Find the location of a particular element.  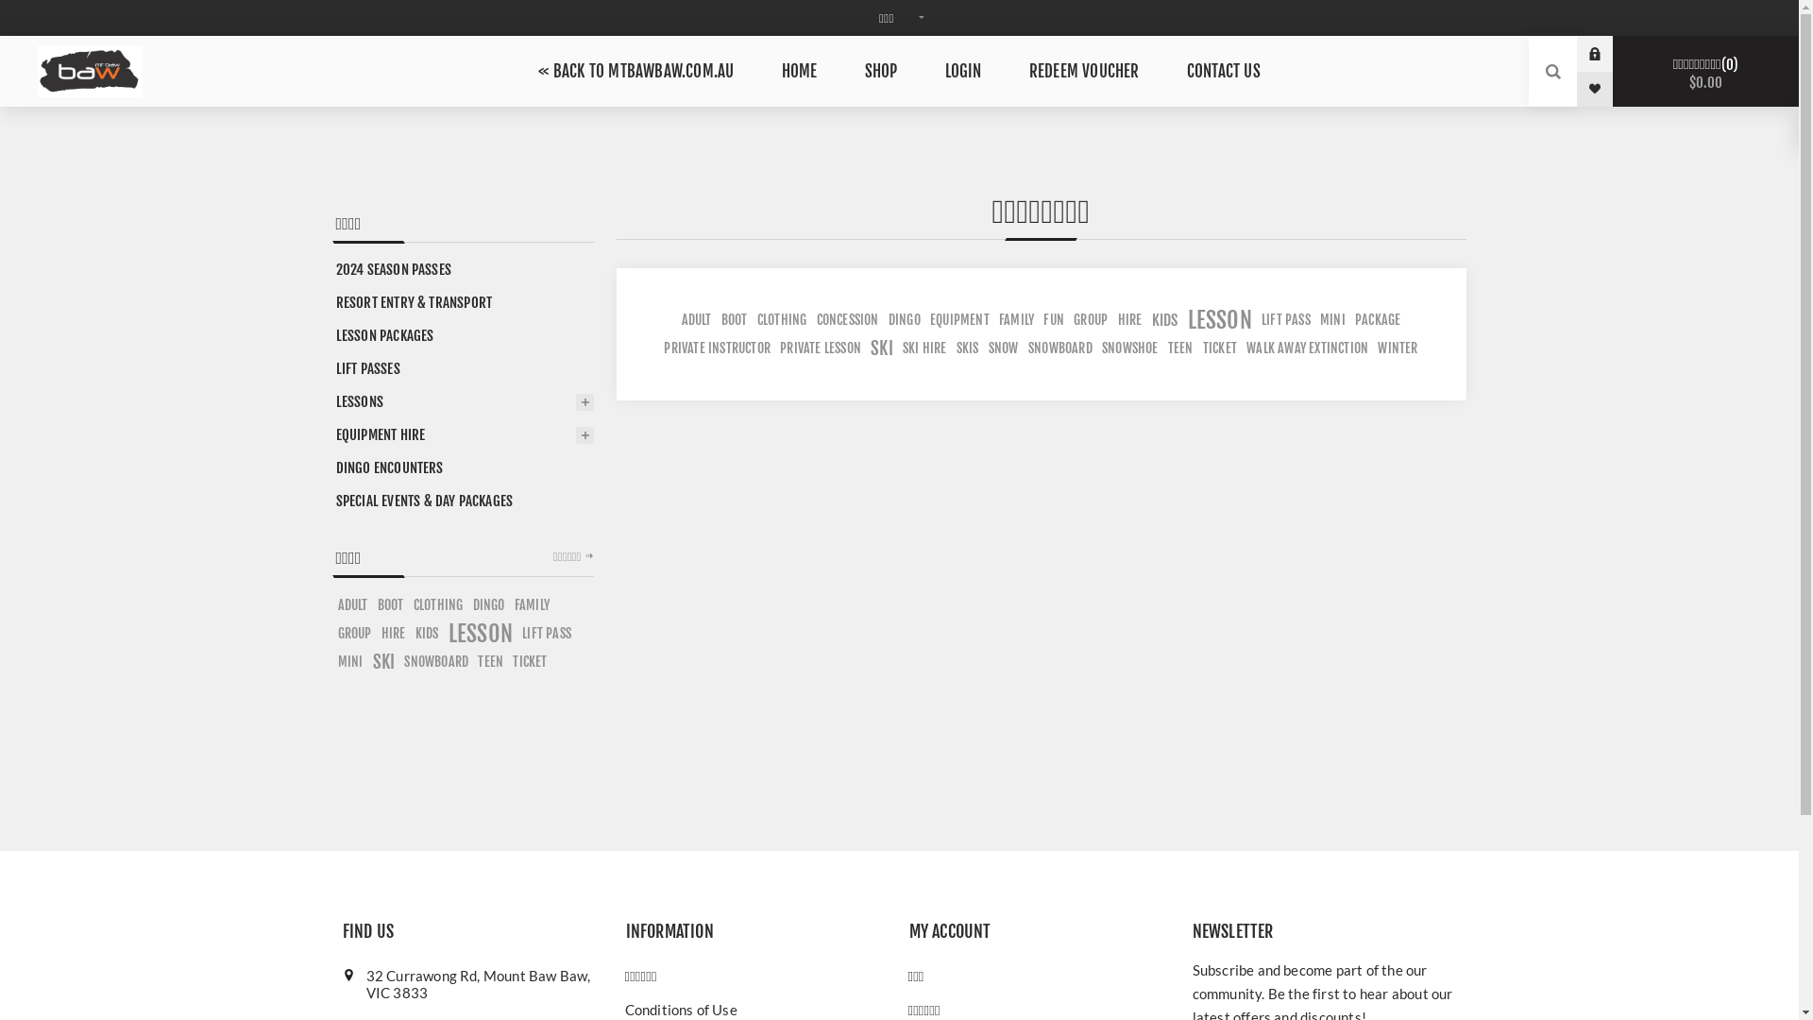

'CONTACT US' is located at coordinates (1224, 70).